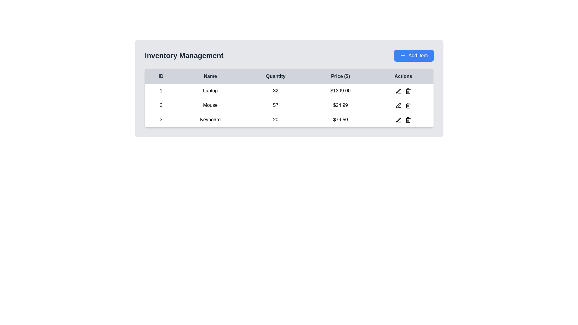 Image resolution: width=578 pixels, height=325 pixels. Describe the element at coordinates (398, 119) in the screenshot. I see `the edit icon button located in the 'Actions' column of the third table row, which allows users to modify item details` at that location.